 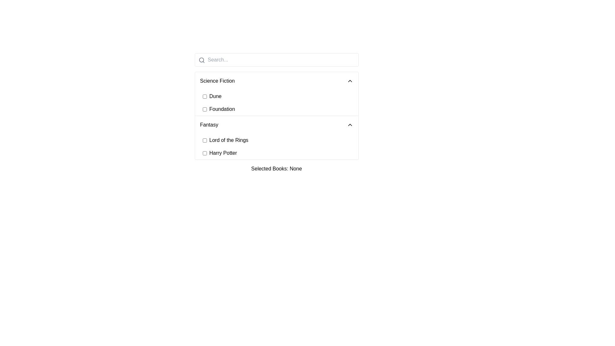 What do you see at coordinates (201, 60) in the screenshot?
I see `the search icon located in the upper-left corner of the 'Search' input box` at bounding box center [201, 60].